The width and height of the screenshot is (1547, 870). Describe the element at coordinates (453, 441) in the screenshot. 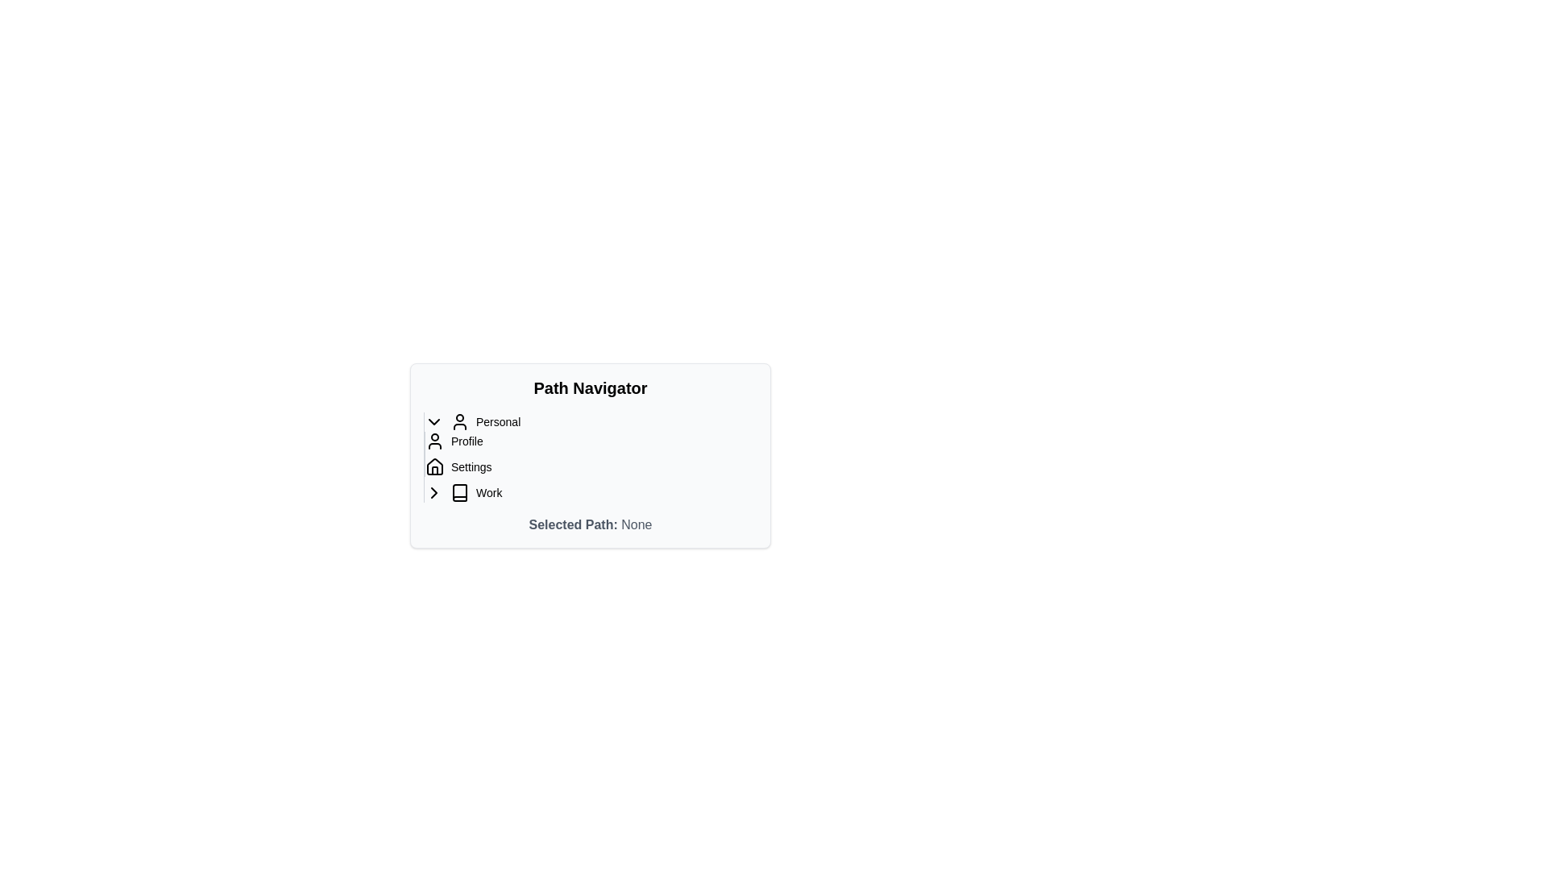

I see `the second navigation link under the 'Personal' section, which is positioned directly below the 'Personal' header and above the 'Settings' option` at that location.